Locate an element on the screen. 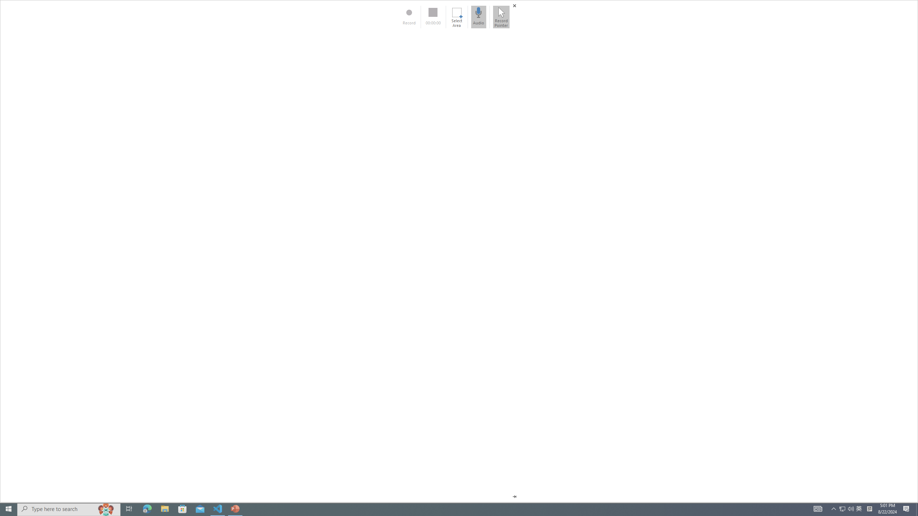 The width and height of the screenshot is (918, 516). 'Close (Windows logo key+Shift+Q)' is located at coordinates (514, 5).